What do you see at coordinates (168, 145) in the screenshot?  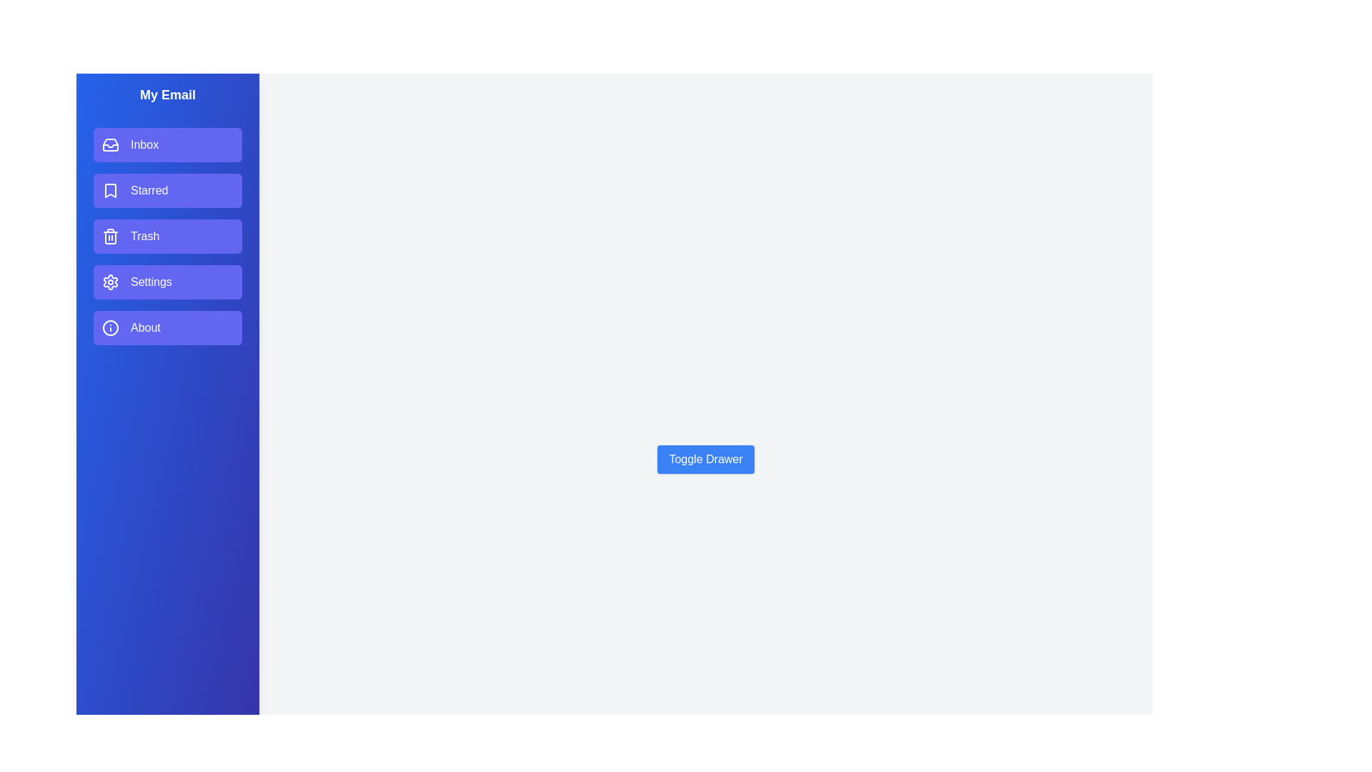 I see `the email section item Inbox` at bounding box center [168, 145].